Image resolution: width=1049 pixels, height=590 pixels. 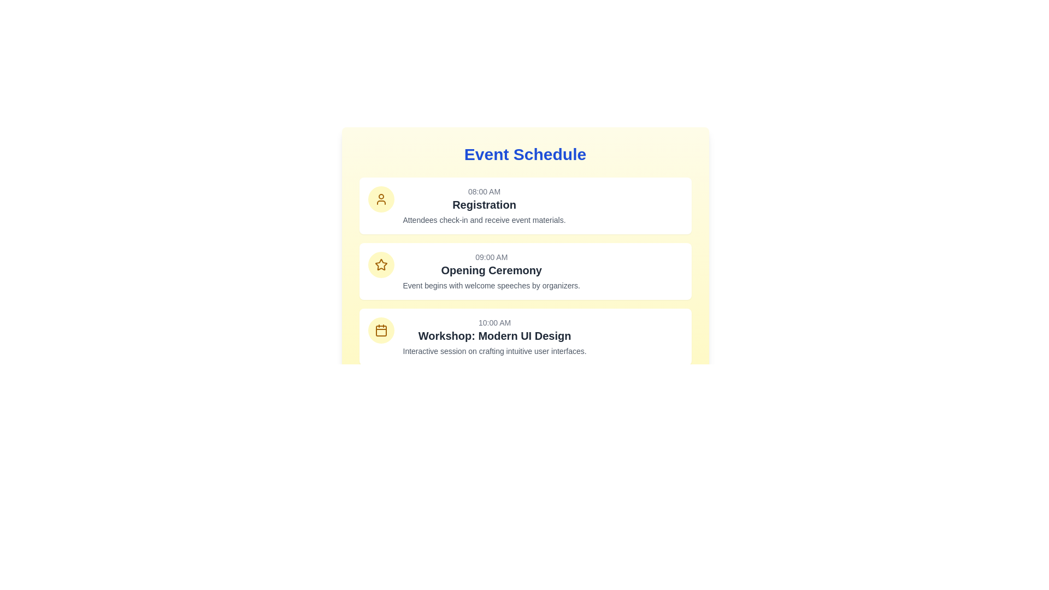 I want to click on the star-shaped icon outlined in brown, which is located within a circular yellow background, adjacent to the 'Registration' event at 8:00 AM, so click(x=381, y=265).